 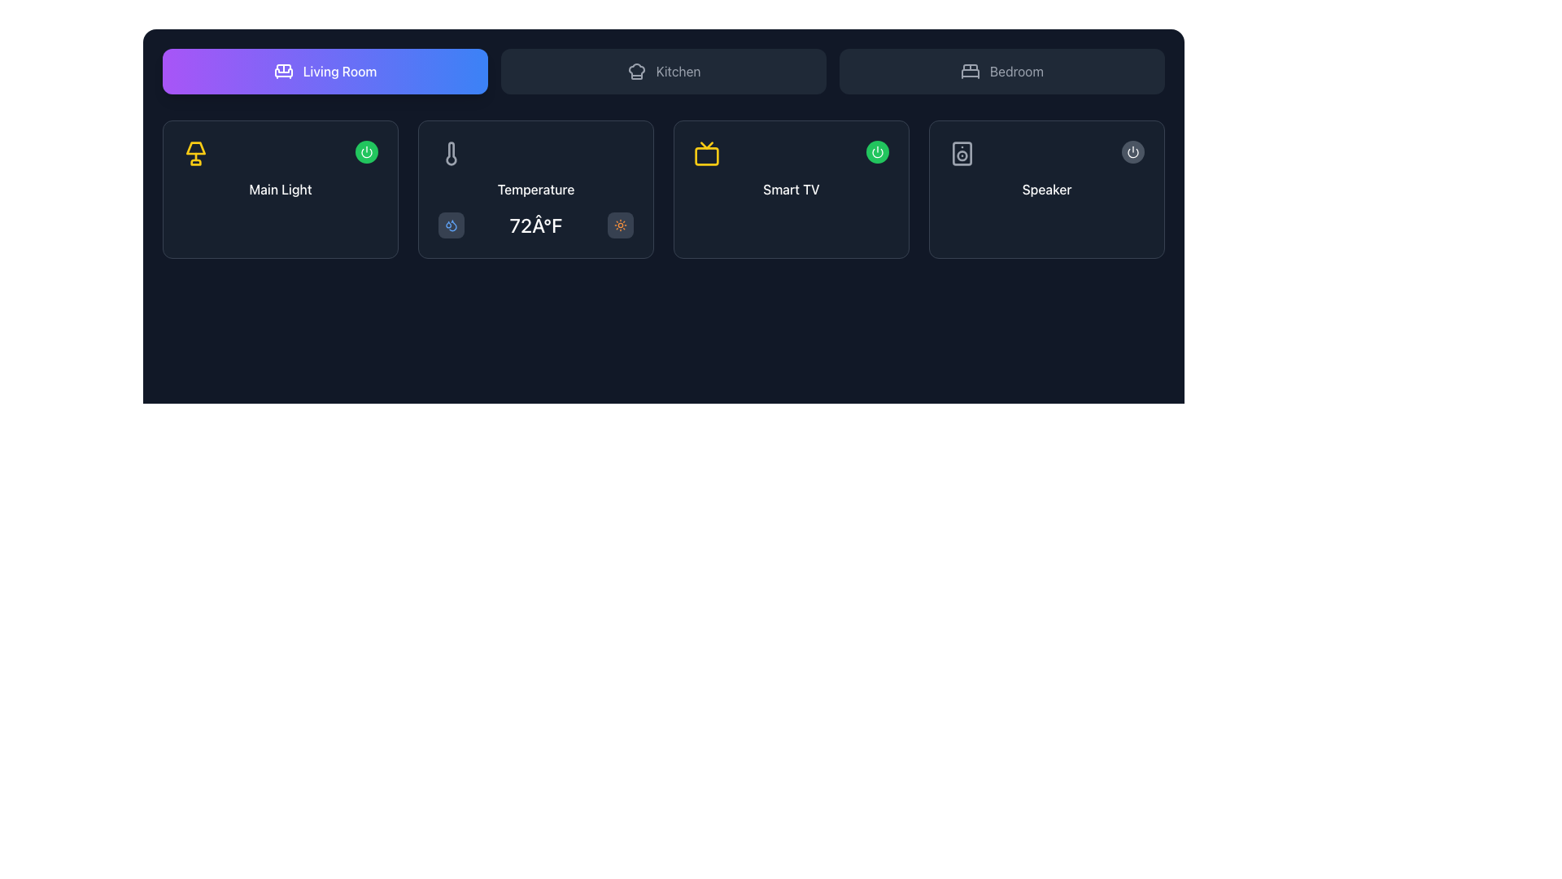 I want to click on the toggle button located in the top-right corner of the 'Main Light' card, so click(x=366, y=151).